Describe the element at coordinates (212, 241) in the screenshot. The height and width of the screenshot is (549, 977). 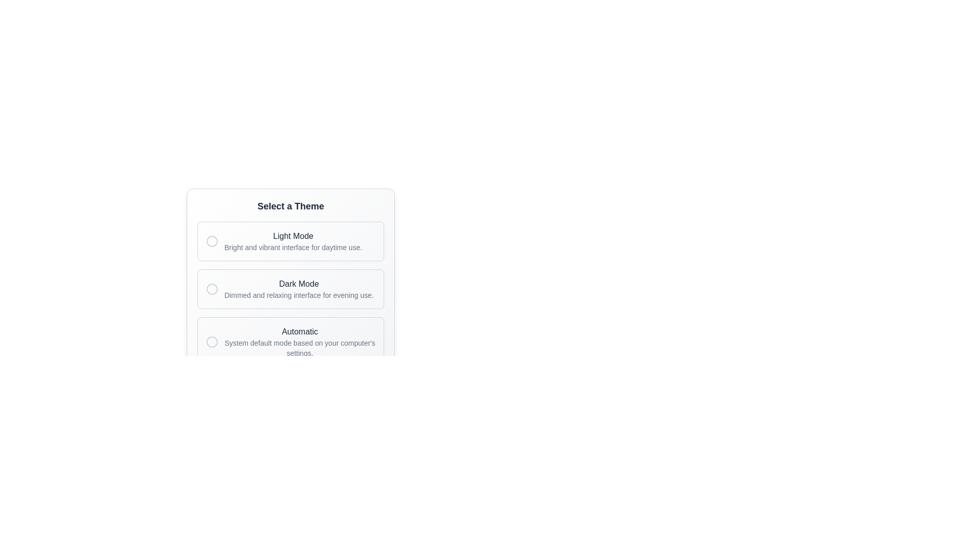
I see `the radio button for 'Light Mode'` at that location.